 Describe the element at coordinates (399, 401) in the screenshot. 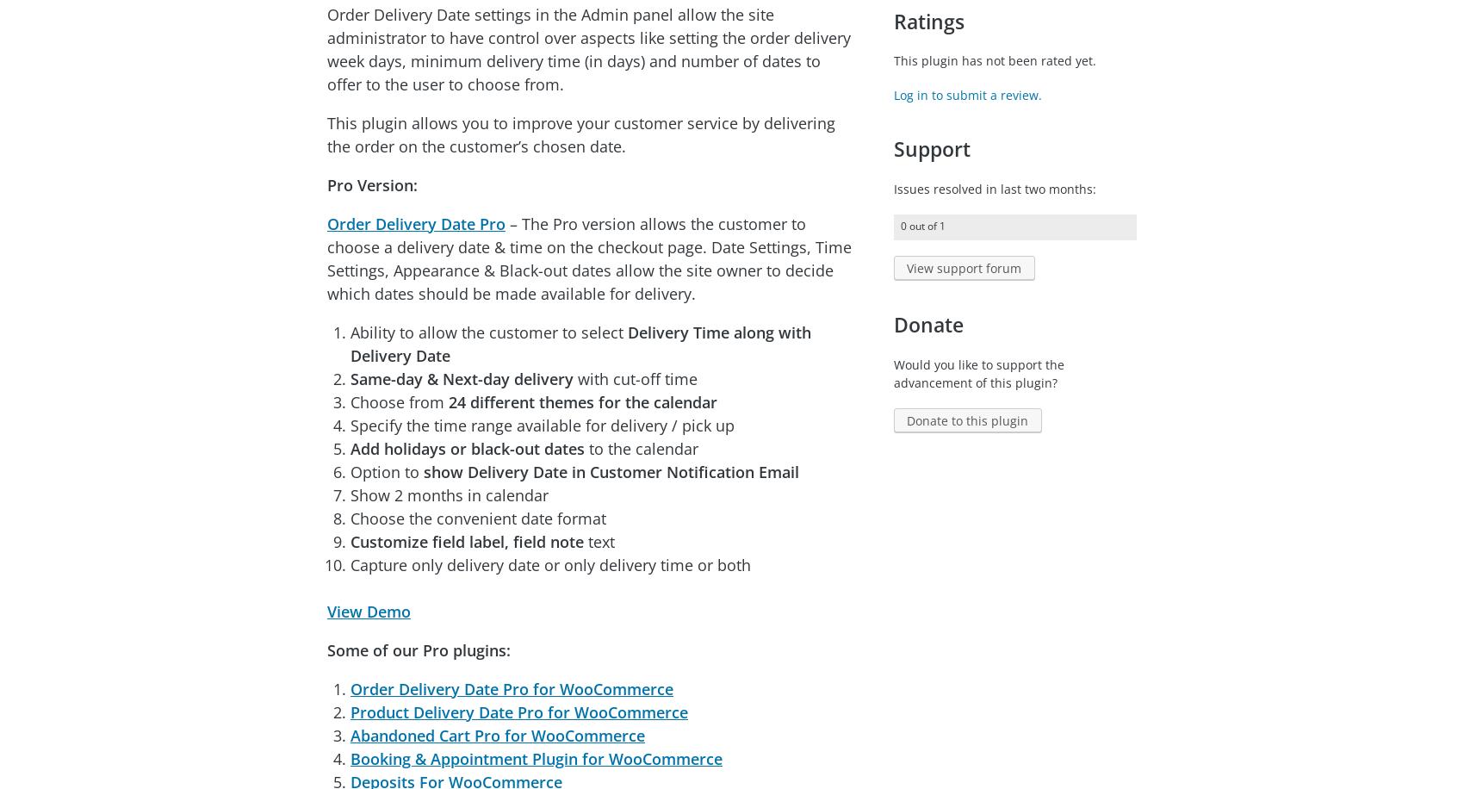

I see `'Choose from'` at that location.